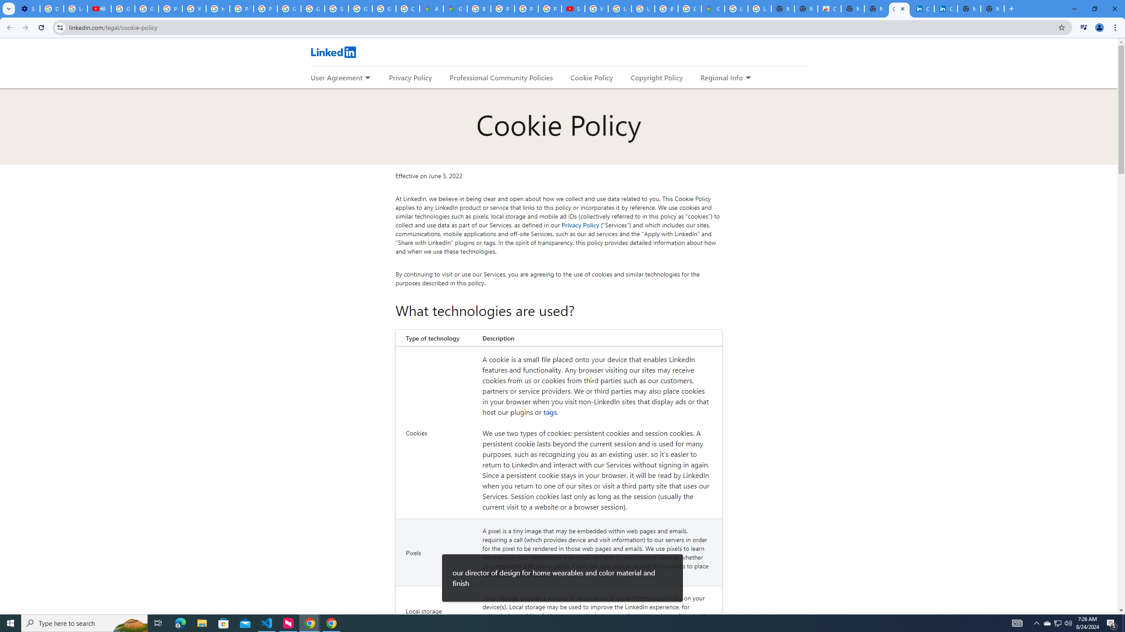 The height and width of the screenshot is (632, 1125). Describe the element at coordinates (748, 78) in the screenshot. I see `'Expand to show more links for Regional Info'` at that location.